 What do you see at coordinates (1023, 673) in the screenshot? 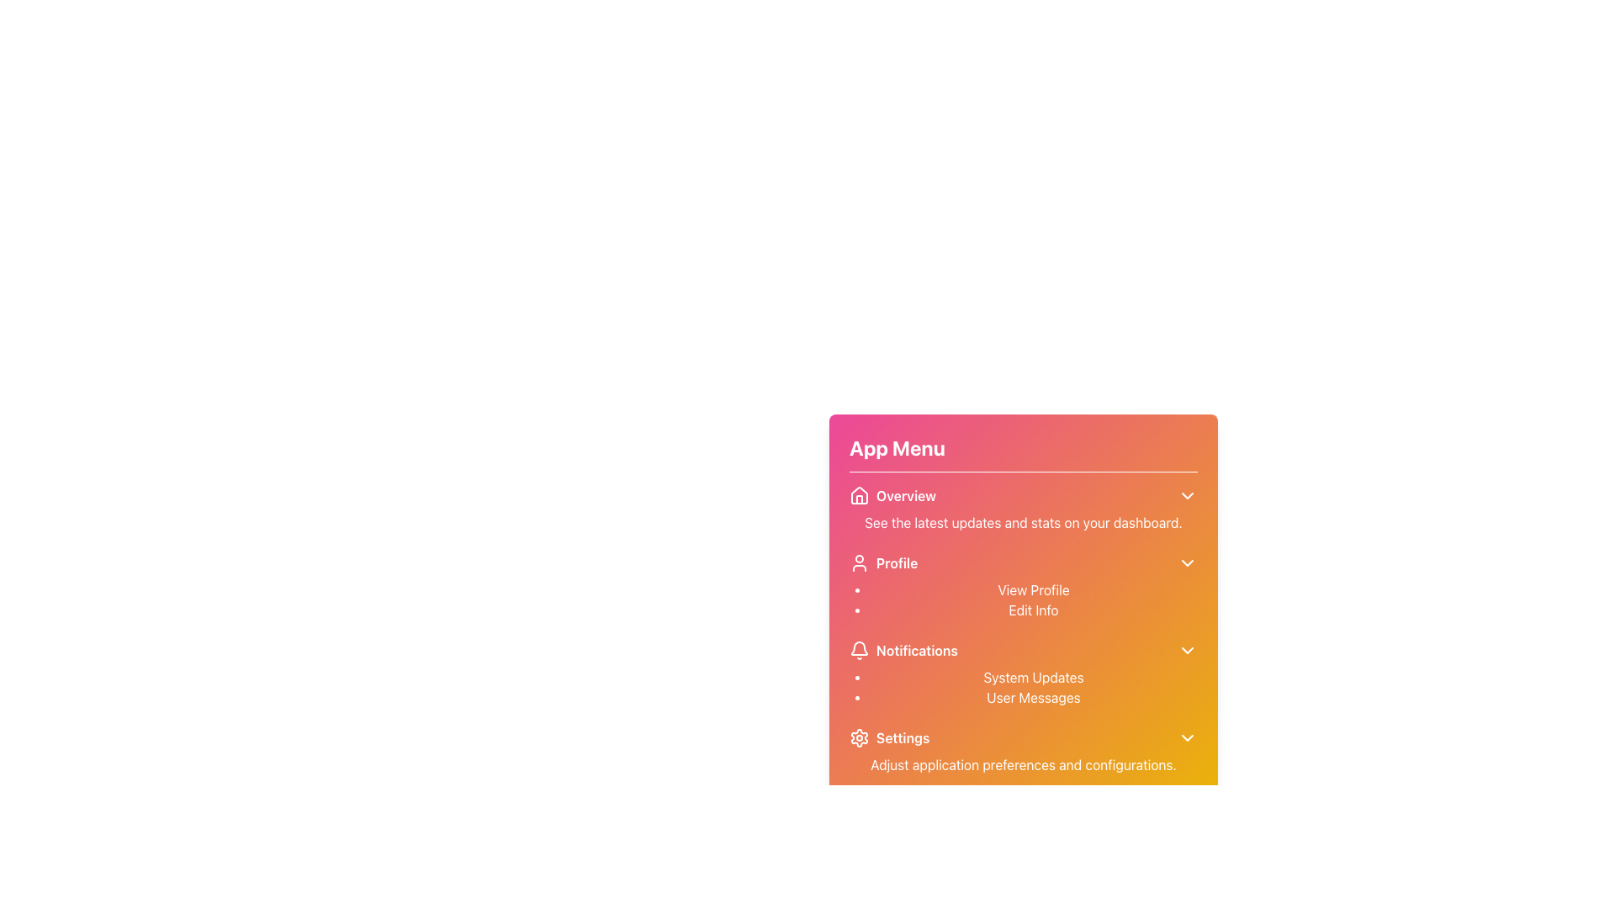
I see `the 'Notifications' text list that displays 'System Updates' and 'User Messages'` at bounding box center [1023, 673].